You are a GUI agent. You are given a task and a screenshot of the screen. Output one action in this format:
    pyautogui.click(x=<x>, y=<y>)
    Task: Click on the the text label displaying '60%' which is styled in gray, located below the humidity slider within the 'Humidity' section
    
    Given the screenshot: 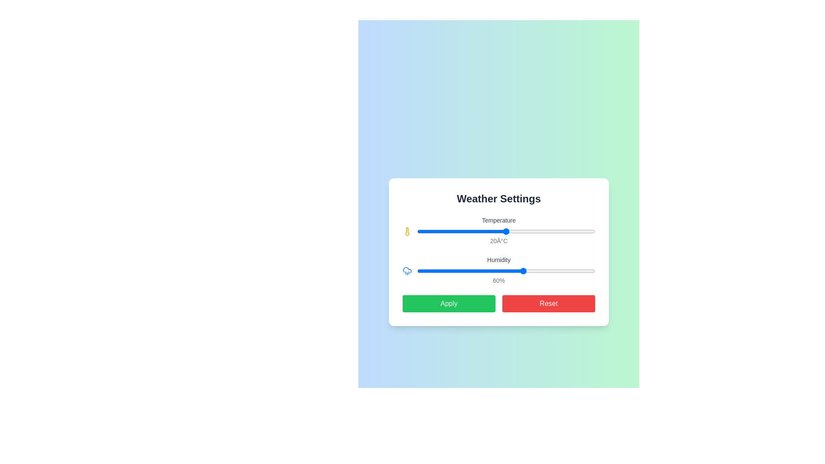 What is the action you would take?
    pyautogui.click(x=499, y=280)
    